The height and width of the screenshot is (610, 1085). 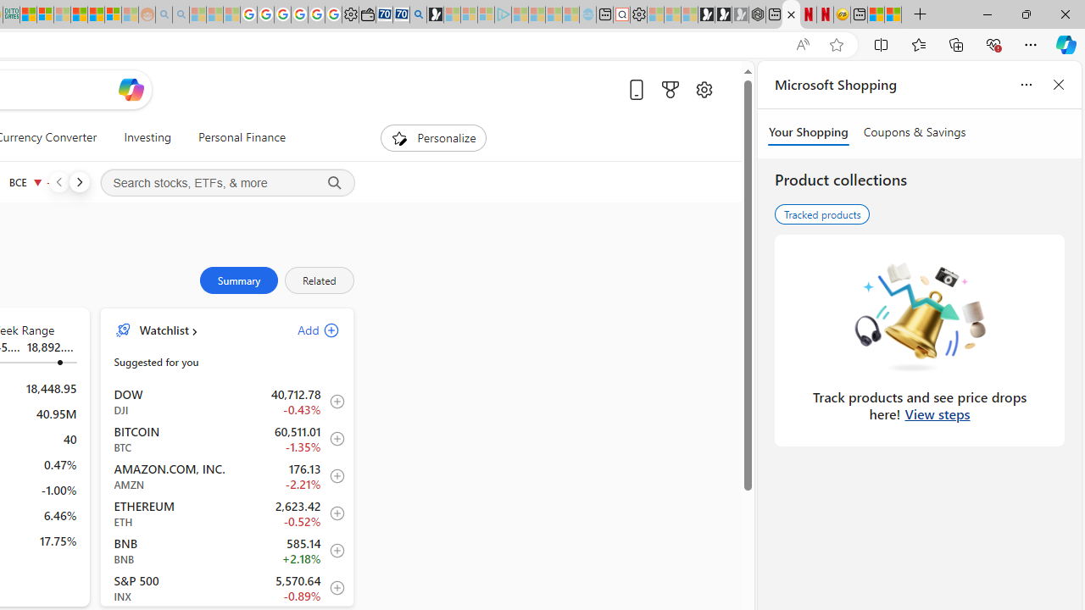 I want to click on 'Bing Real Estate - Home sales and rental listings', so click(x=418, y=14).